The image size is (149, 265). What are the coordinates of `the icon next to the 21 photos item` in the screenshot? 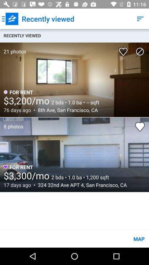 It's located at (124, 49).